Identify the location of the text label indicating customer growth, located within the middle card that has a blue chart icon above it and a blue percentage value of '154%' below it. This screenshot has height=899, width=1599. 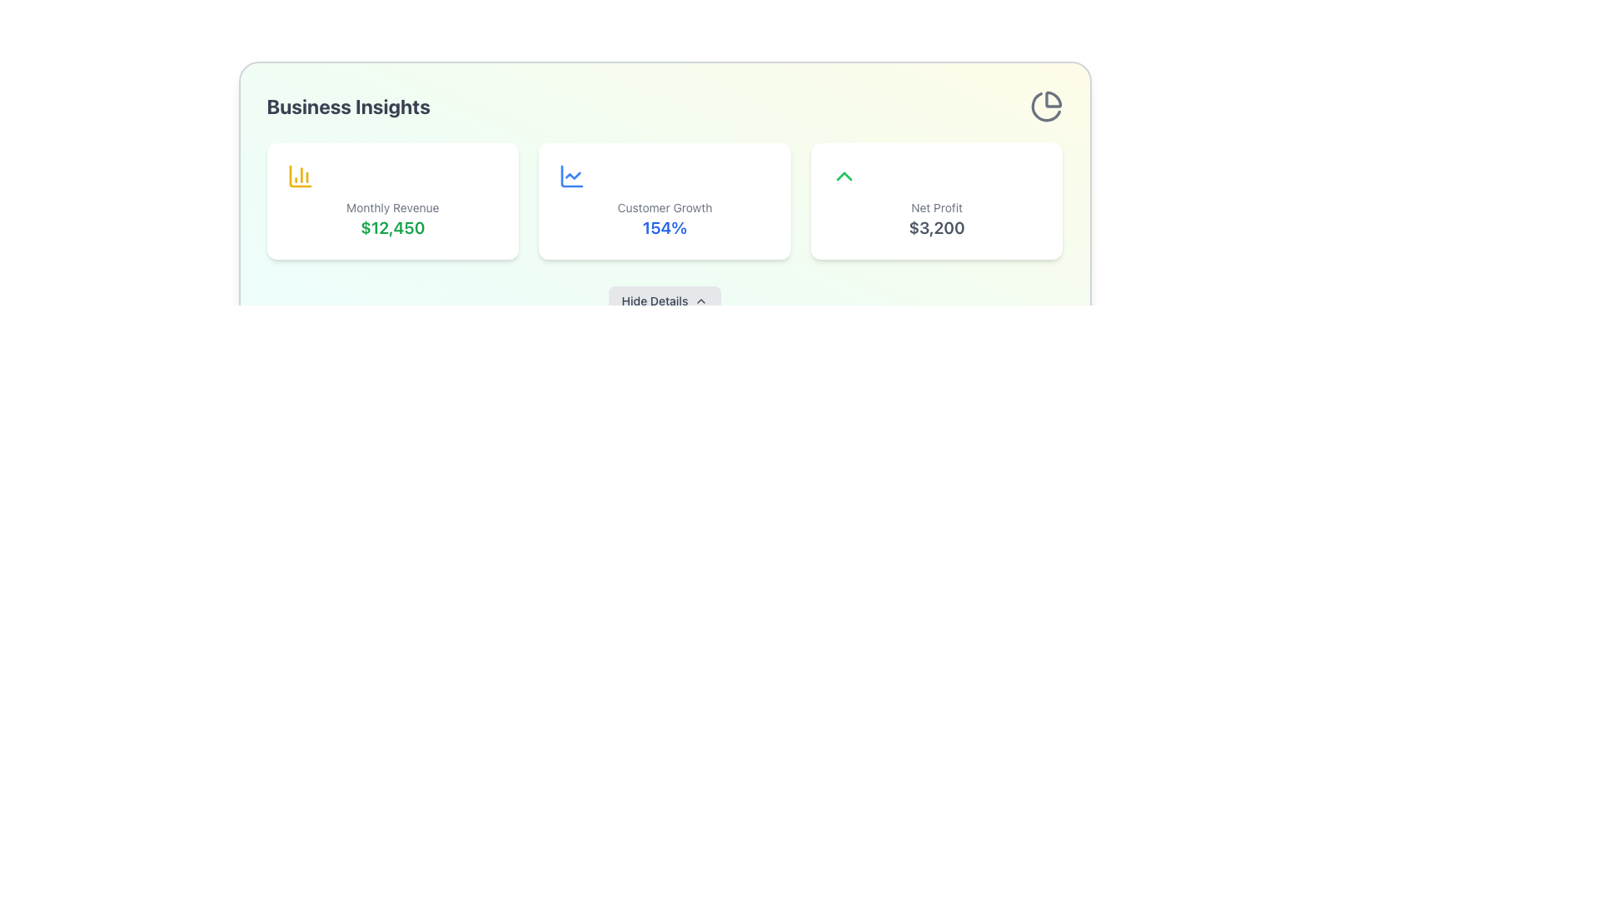
(664, 207).